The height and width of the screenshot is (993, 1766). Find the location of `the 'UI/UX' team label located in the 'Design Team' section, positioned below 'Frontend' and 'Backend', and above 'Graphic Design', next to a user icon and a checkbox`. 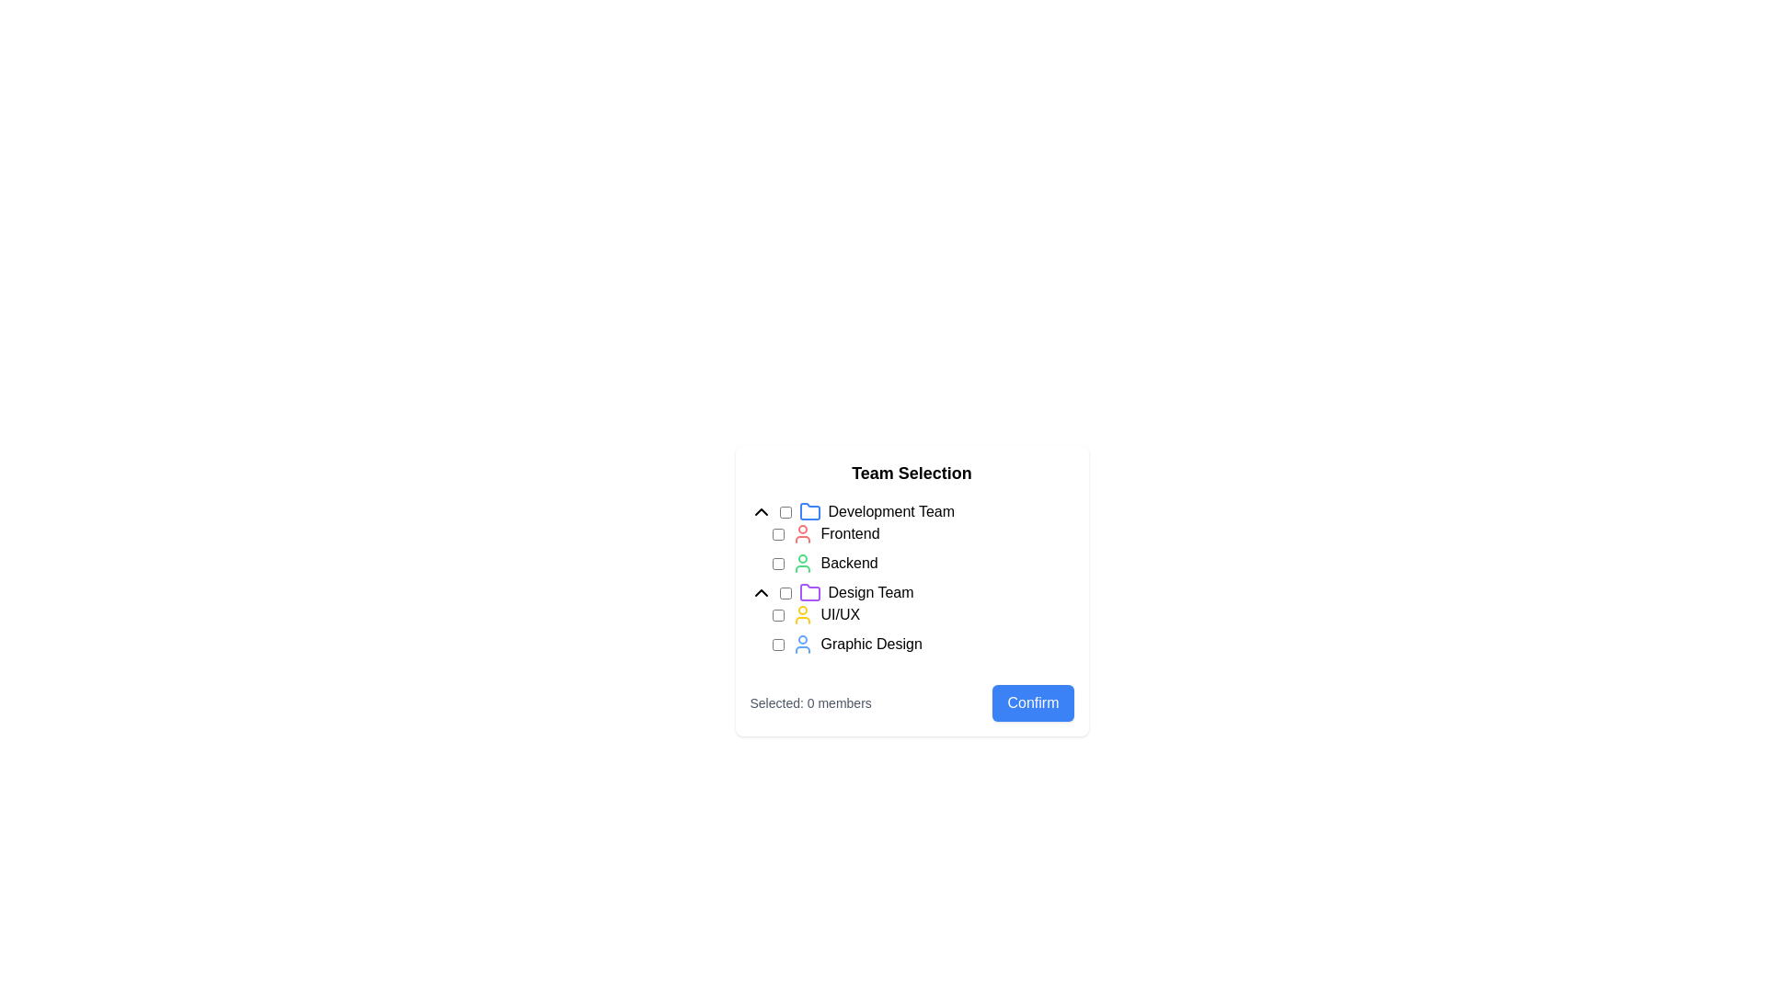

the 'UI/UX' team label located in the 'Design Team' section, positioned below 'Frontend' and 'Backend', and above 'Graphic Design', next to a user icon and a checkbox is located at coordinates (839, 614).